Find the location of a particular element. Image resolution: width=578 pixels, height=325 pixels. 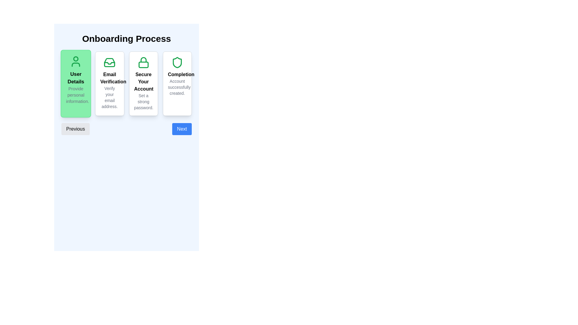

the small circle that visually represents part of the user icon in the 'User Details' card during the onboarding process is located at coordinates (76, 59).